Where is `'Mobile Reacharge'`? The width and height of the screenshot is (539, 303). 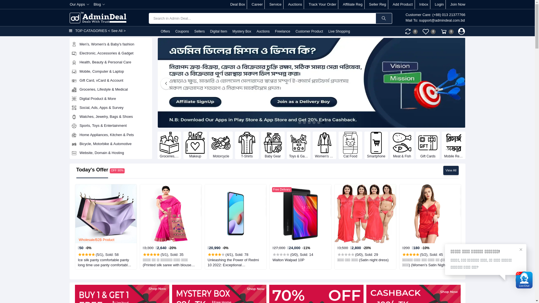 'Mobile Reacharge' is located at coordinates (442, 145).